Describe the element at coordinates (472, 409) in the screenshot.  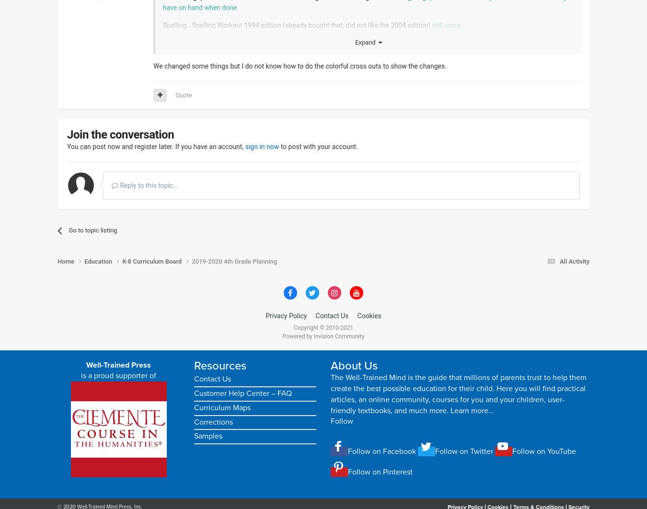
I see `'Learn more...'` at that location.